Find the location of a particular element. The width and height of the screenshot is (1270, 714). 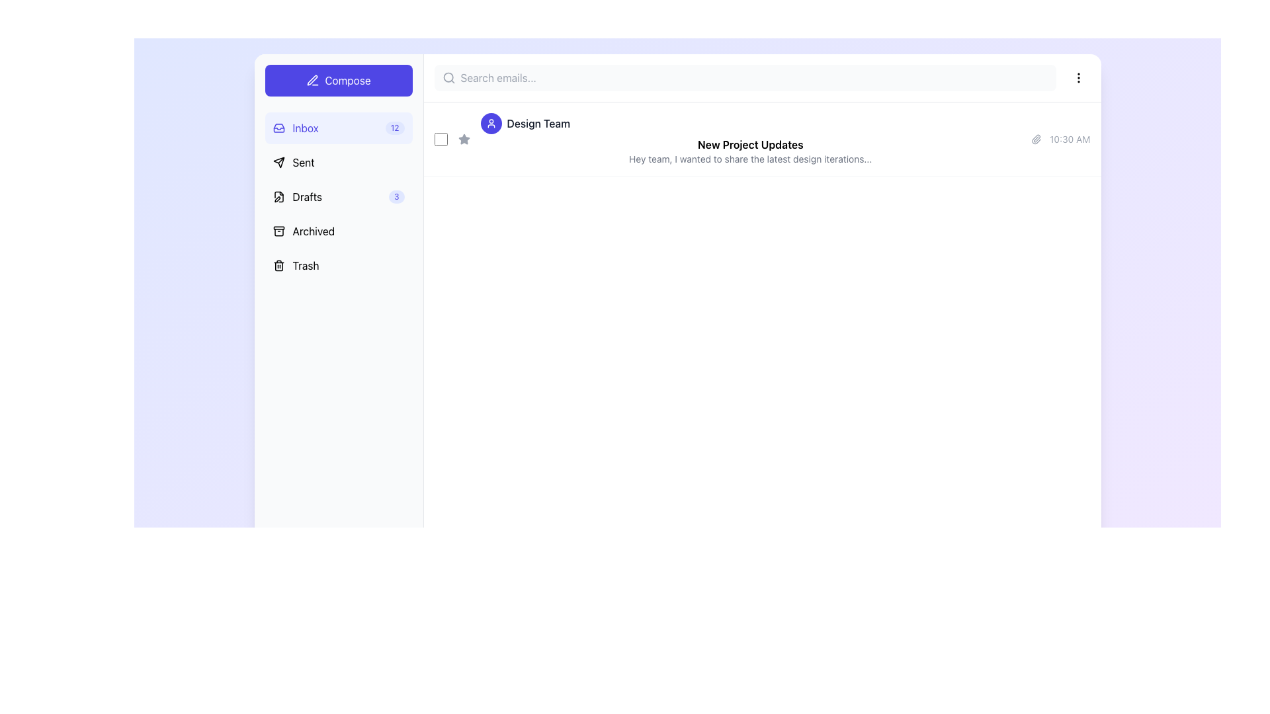

the 'Sent' folder text label located in the second position of the vertical list on the left sidebar of the email application is located at coordinates (303, 162).